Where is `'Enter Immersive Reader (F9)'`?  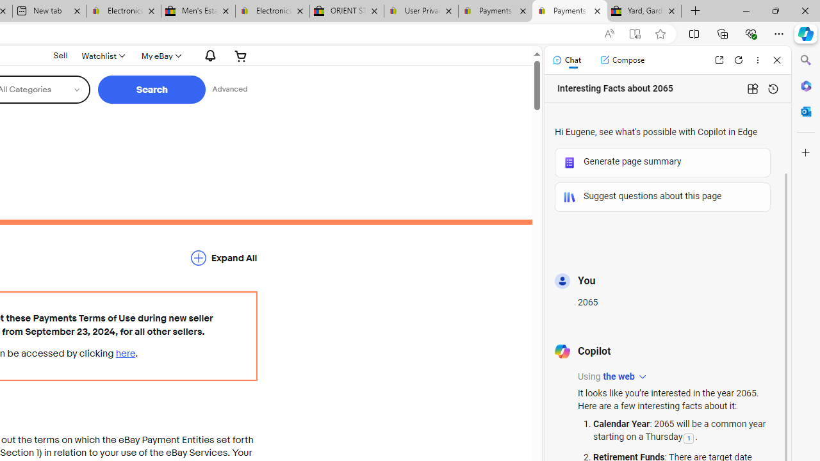 'Enter Immersive Reader (F9)' is located at coordinates (635, 33).